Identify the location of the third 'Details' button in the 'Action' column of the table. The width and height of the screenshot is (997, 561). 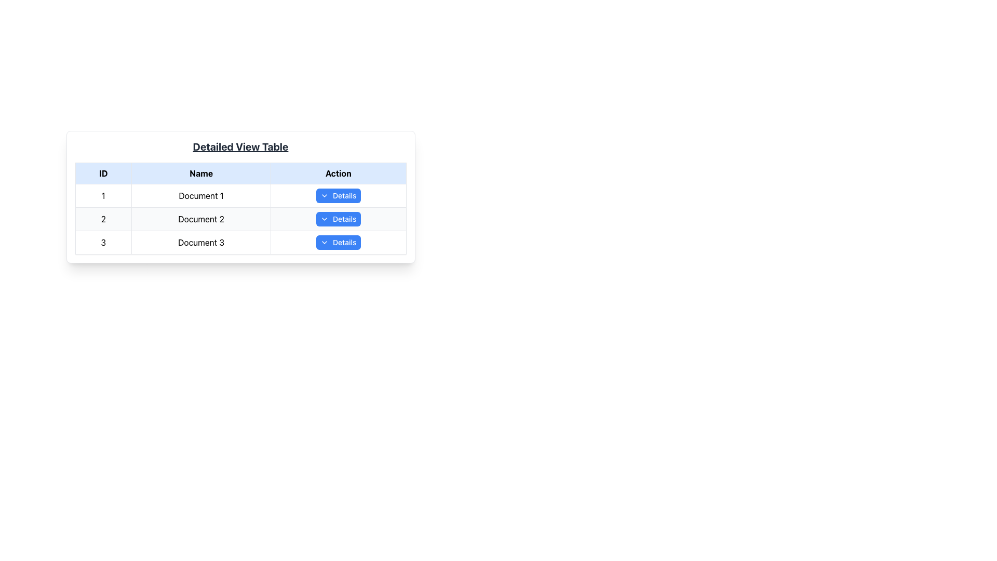
(338, 242).